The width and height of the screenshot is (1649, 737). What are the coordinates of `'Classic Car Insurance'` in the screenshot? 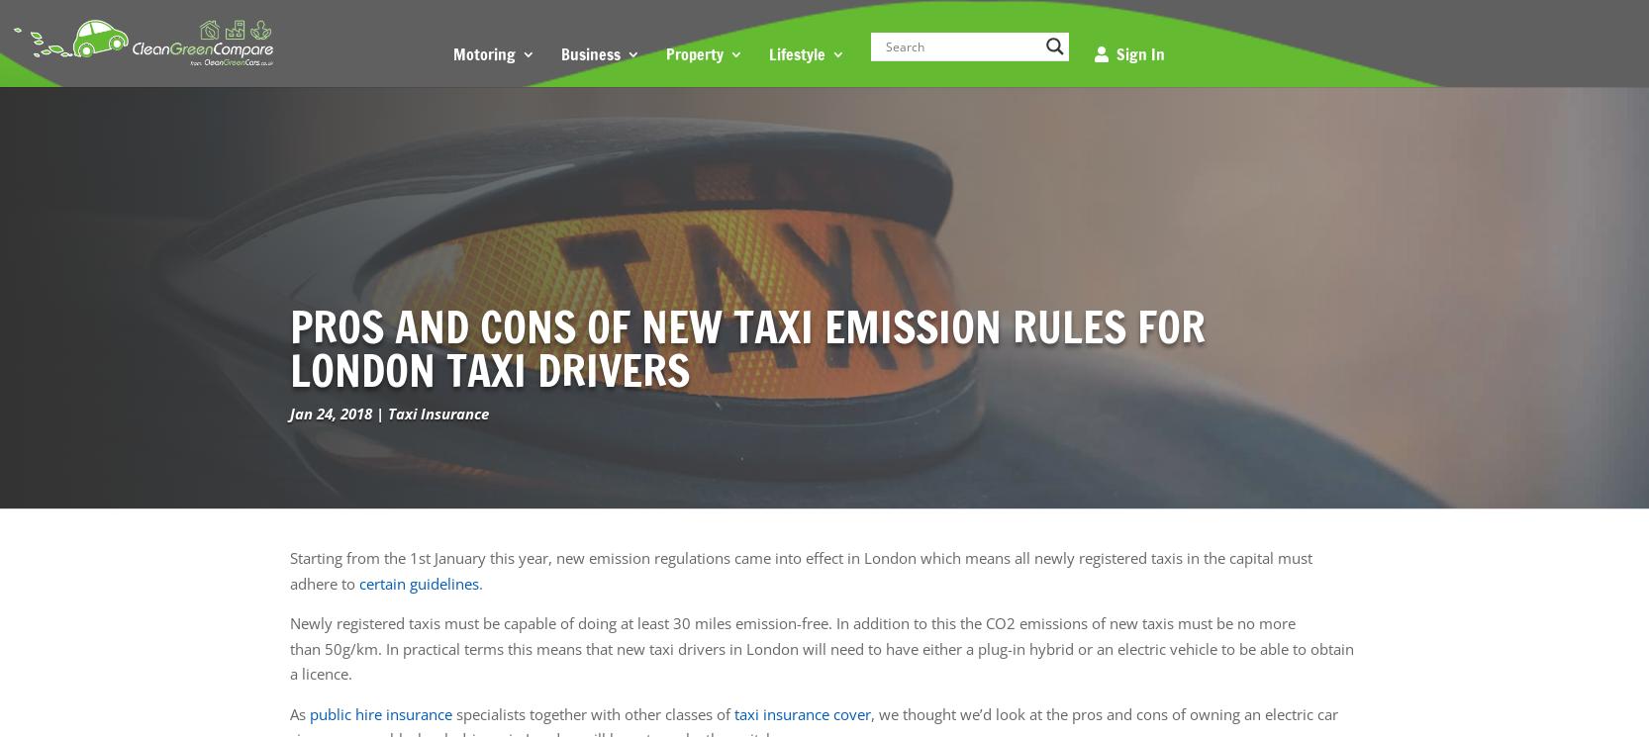 It's located at (541, 158).